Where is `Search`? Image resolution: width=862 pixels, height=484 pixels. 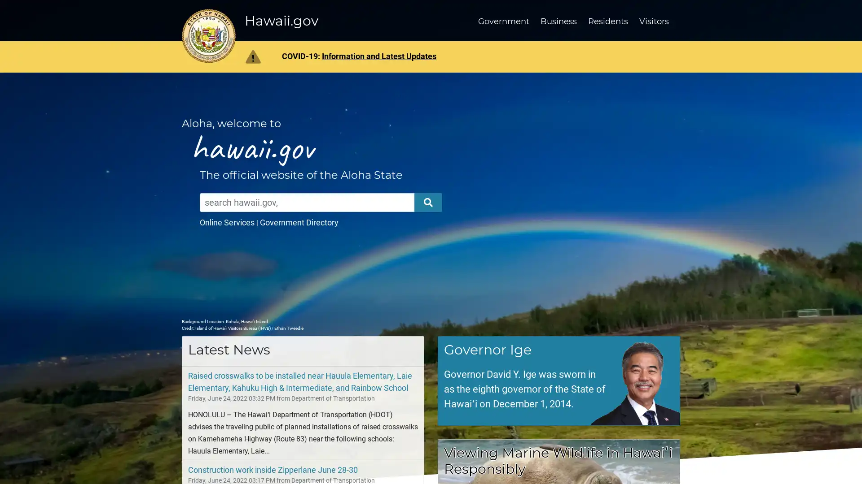 Search is located at coordinates (428, 202).